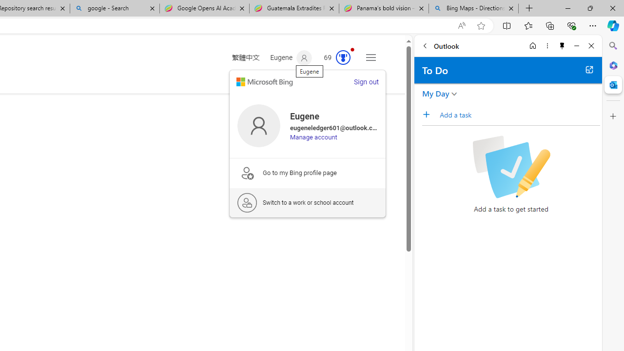 The height and width of the screenshot is (351, 624). What do you see at coordinates (264, 81) in the screenshot?
I see `'microsoft logo'` at bounding box center [264, 81].